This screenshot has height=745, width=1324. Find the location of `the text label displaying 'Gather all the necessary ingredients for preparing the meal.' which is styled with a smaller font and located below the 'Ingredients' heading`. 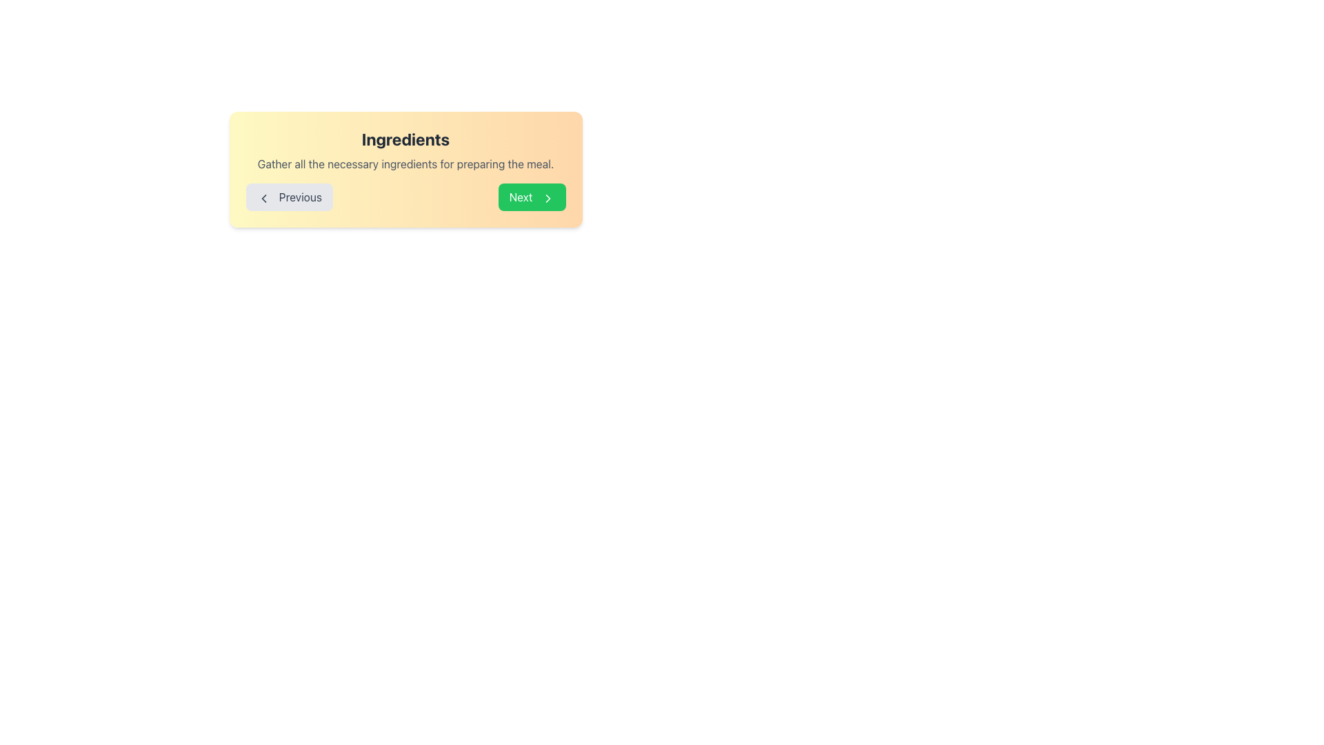

the text label displaying 'Gather all the necessary ingredients for preparing the meal.' which is styled with a smaller font and located below the 'Ingredients' heading is located at coordinates (405, 163).